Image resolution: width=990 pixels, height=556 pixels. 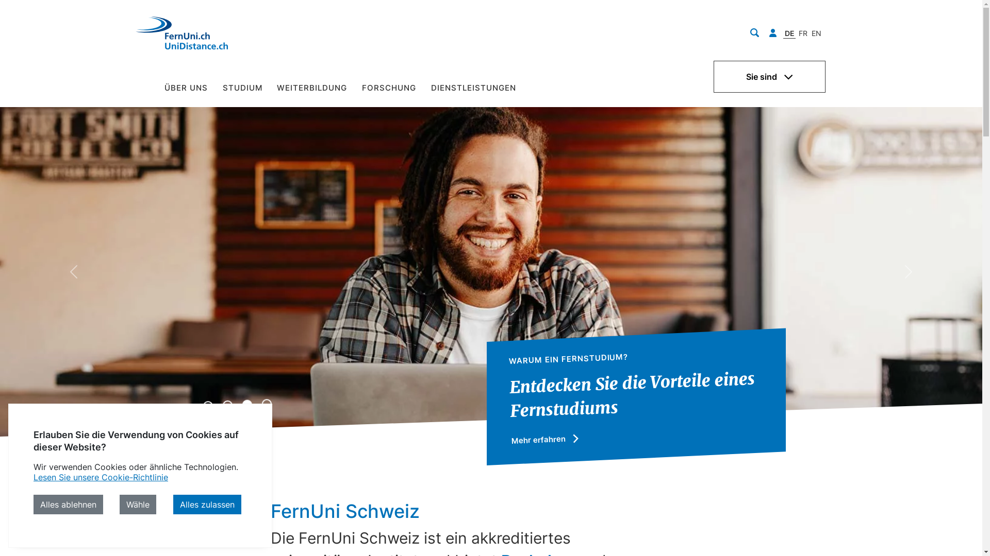 I want to click on 'WEITERBILDUNG', so click(x=311, y=91).